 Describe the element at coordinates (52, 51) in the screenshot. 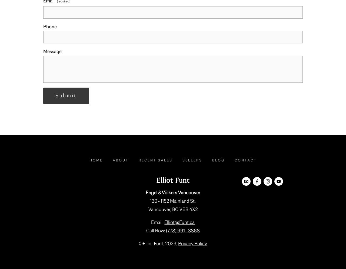

I see `'Message'` at that location.